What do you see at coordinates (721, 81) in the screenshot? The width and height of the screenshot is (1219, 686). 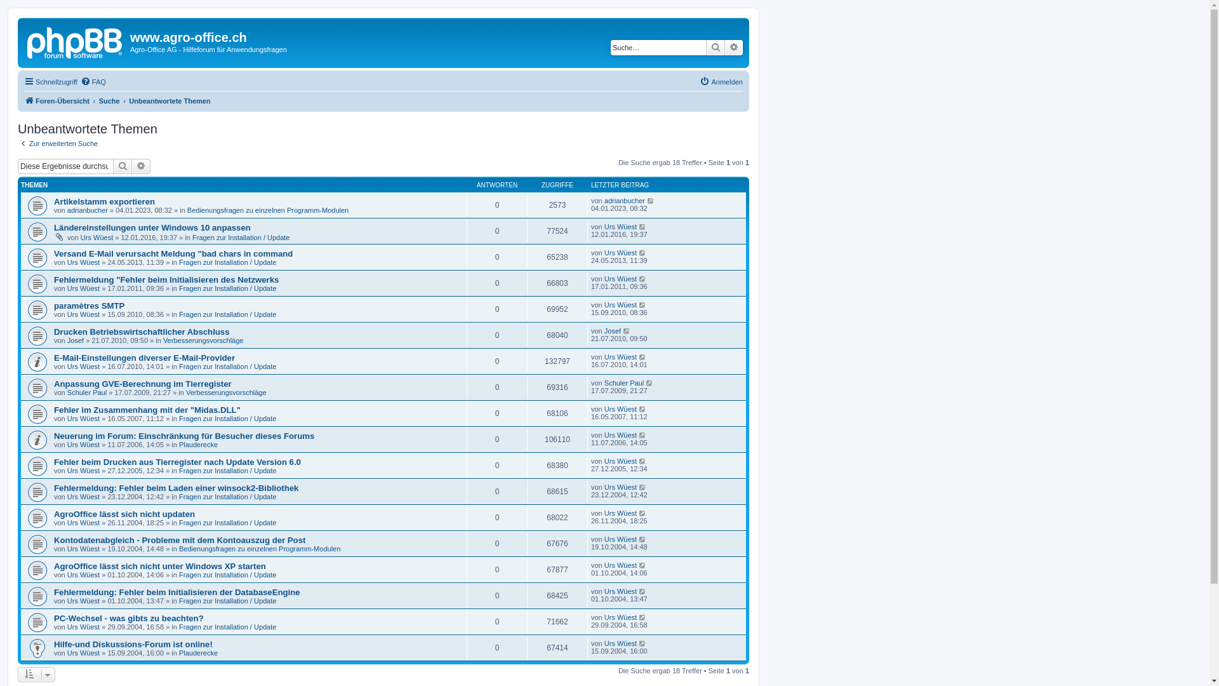 I see `'Anmelden'` at bounding box center [721, 81].